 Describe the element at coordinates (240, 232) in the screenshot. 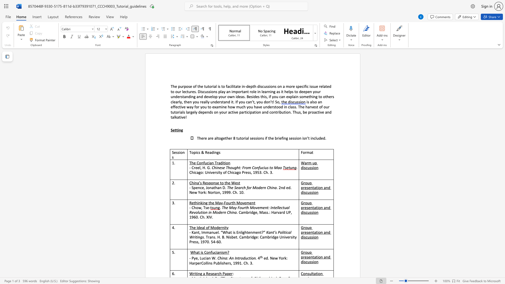

I see `the subset text "lighten" within the text "- Kant, Immanuel. “What is Enlightenment?”"` at that location.